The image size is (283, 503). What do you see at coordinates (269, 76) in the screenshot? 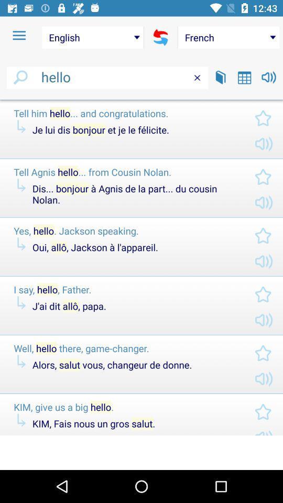
I see `play` at bounding box center [269, 76].